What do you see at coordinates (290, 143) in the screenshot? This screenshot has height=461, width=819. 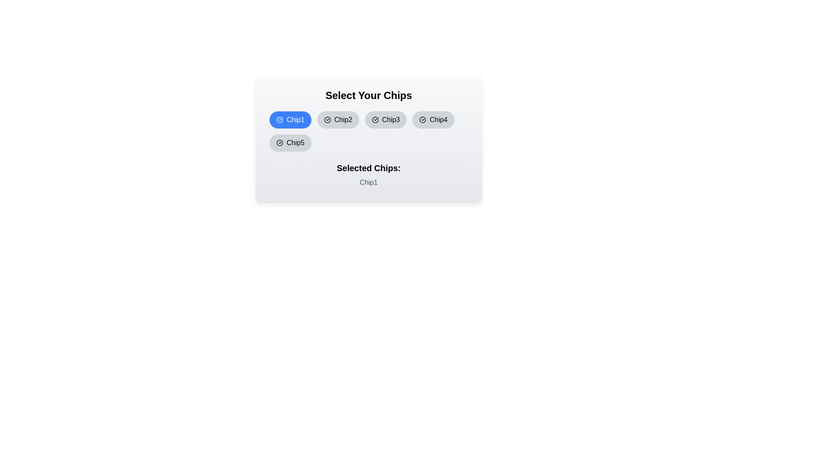 I see `the chip labeled Chip5` at bounding box center [290, 143].